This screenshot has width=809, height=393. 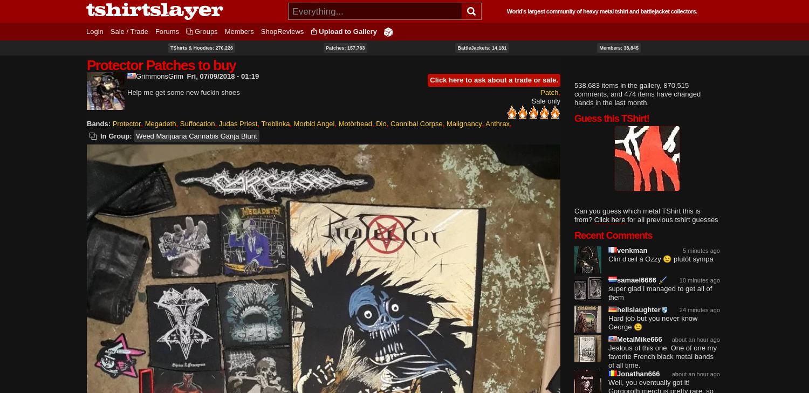 I want to click on 'Sale / Trade', so click(x=128, y=31).